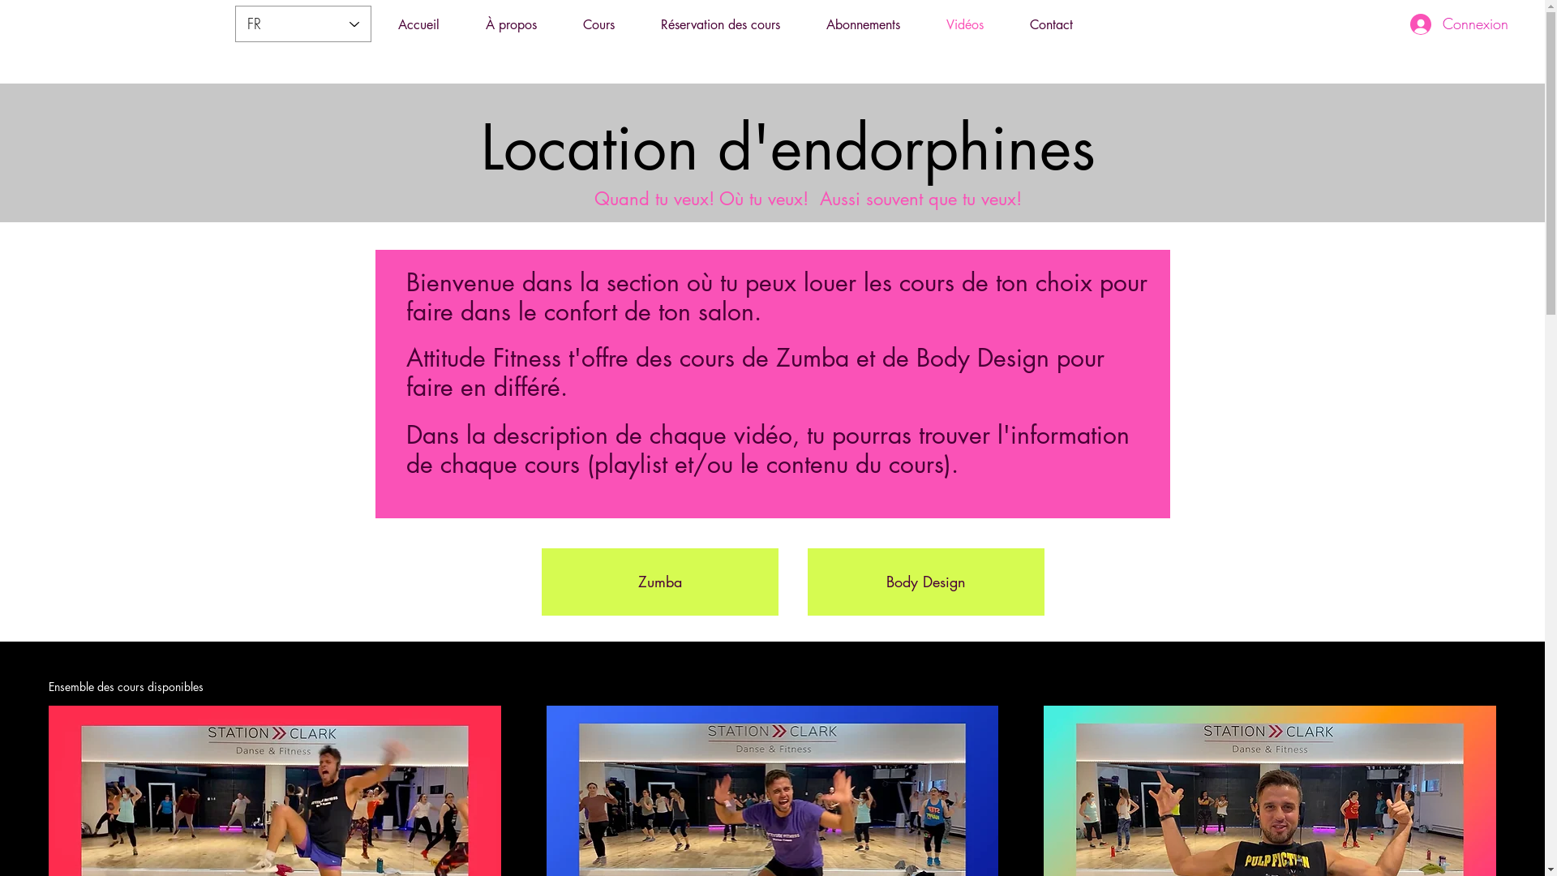 This screenshot has height=876, width=1557. I want to click on 'Connexion', so click(1459, 24).